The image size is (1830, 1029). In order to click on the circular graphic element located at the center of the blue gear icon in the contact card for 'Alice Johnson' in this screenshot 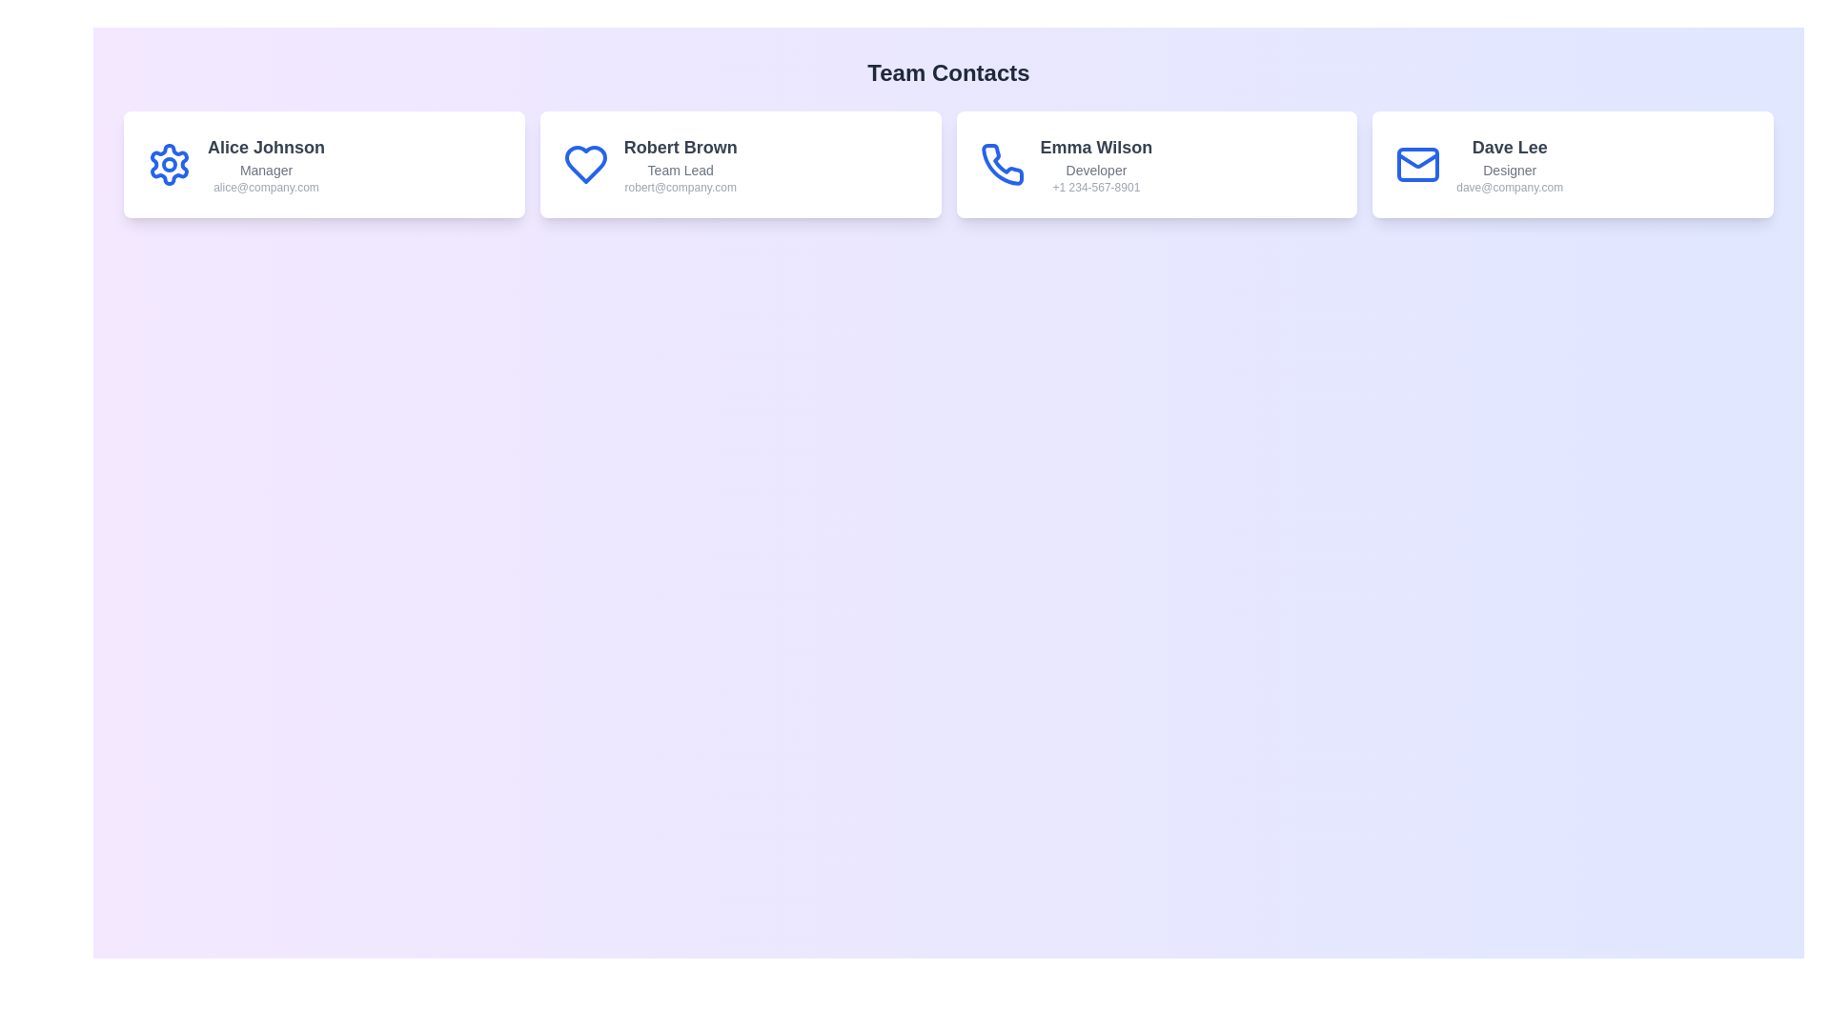, I will do `click(169, 164)`.